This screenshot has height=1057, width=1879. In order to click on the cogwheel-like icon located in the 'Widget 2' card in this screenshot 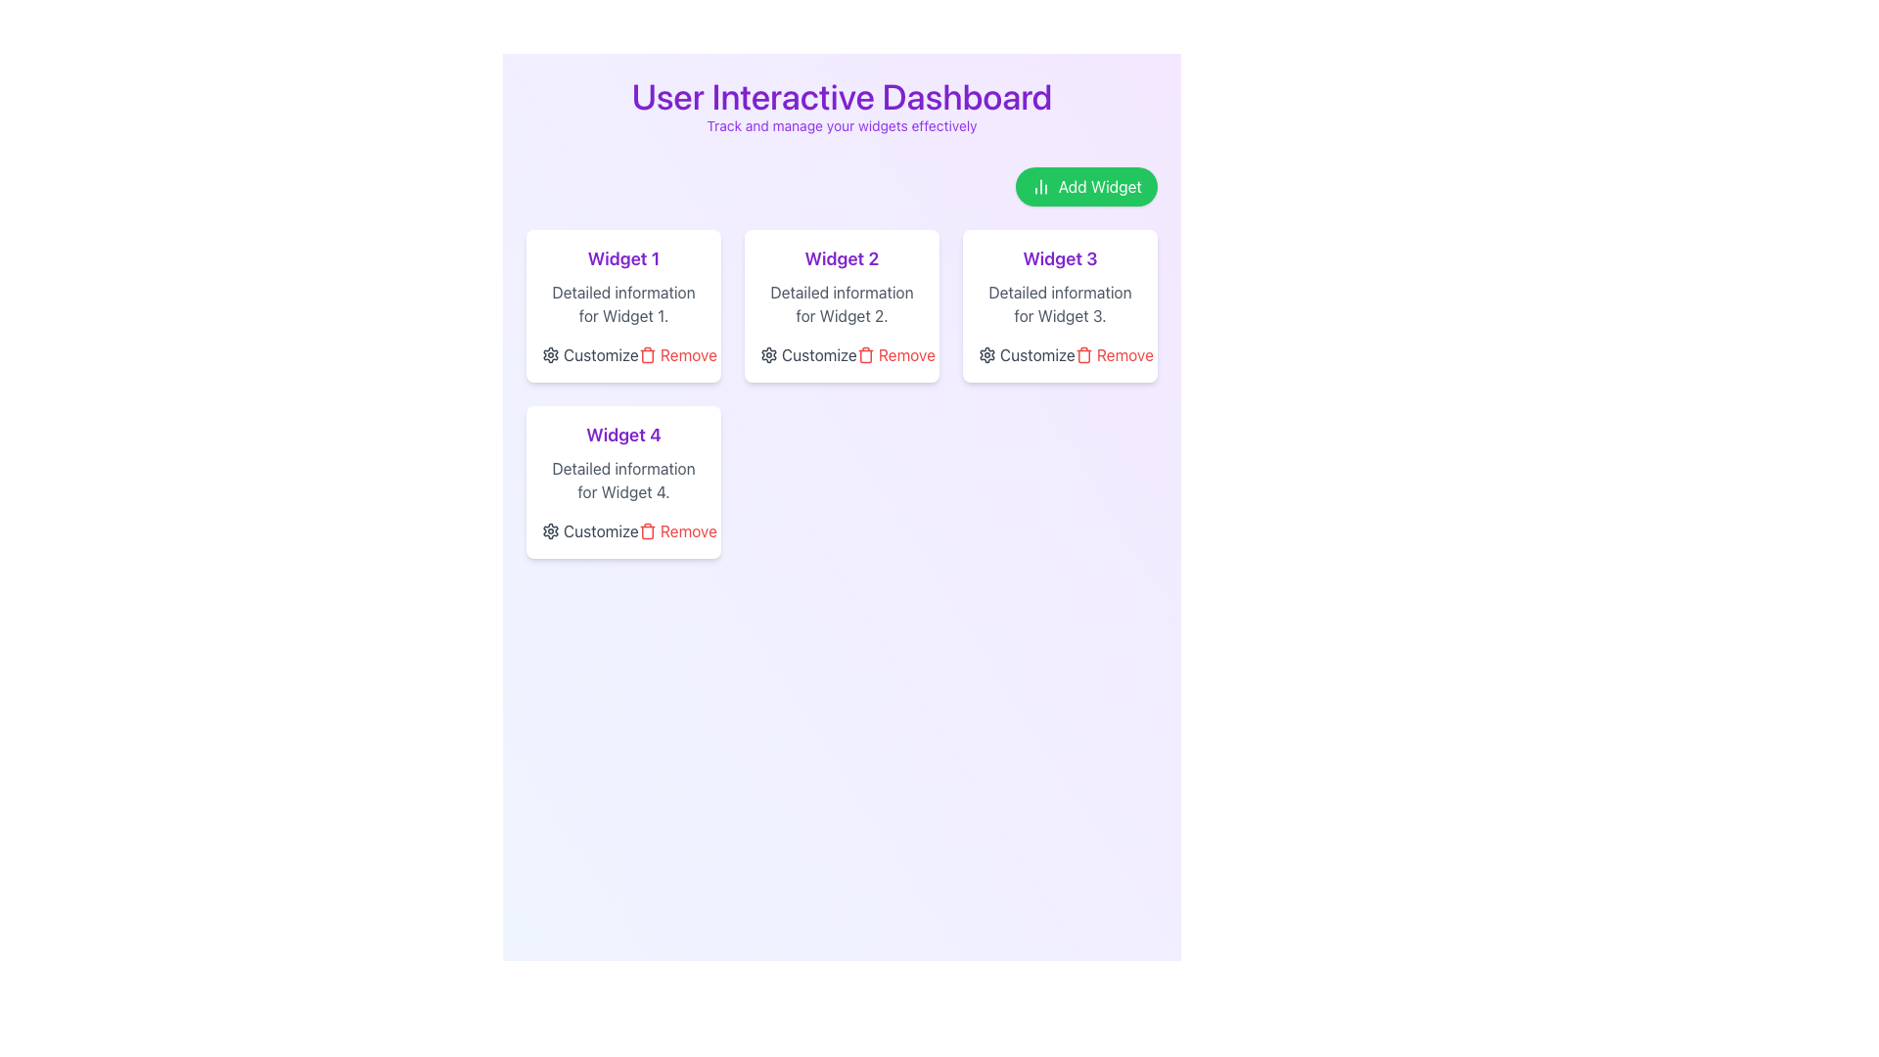, I will do `click(768, 354)`.